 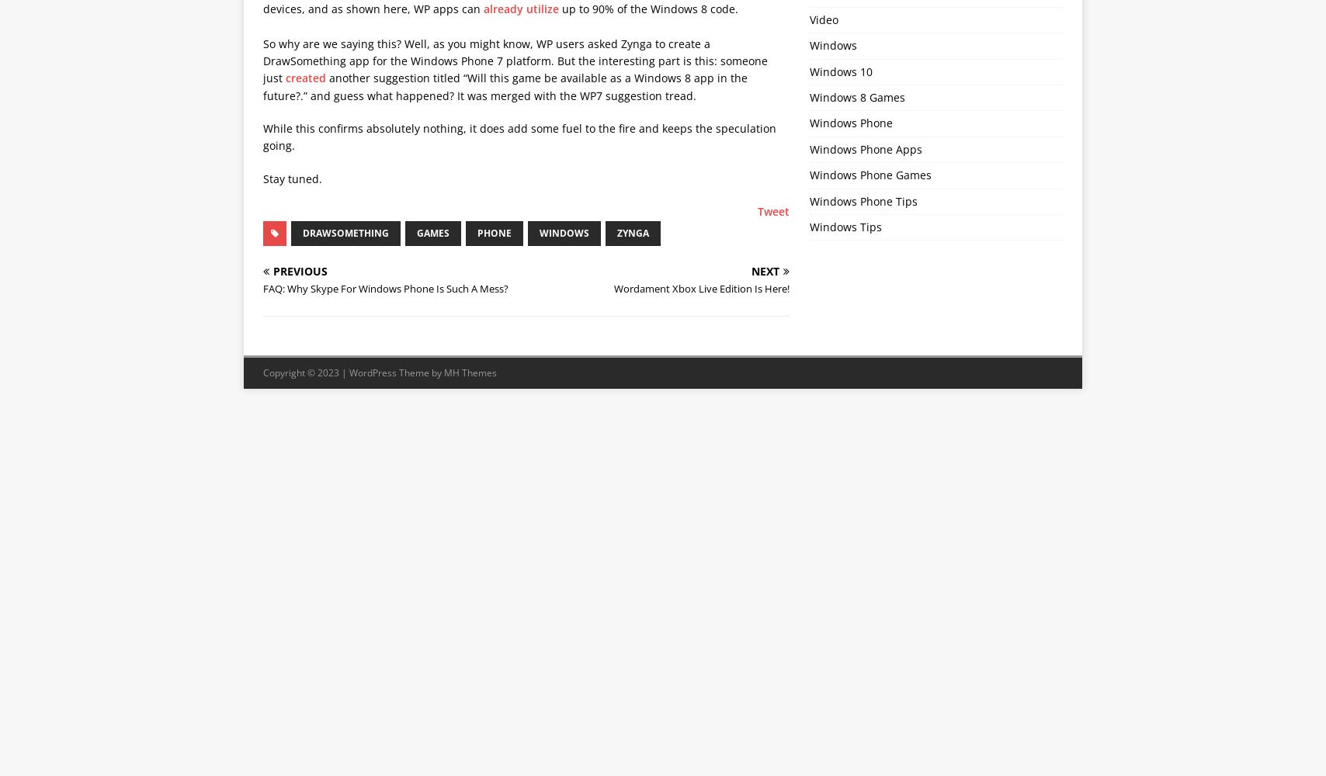 I want to click on 'up to 90% of the Windows 8 code.', so click(x=648, y=8).